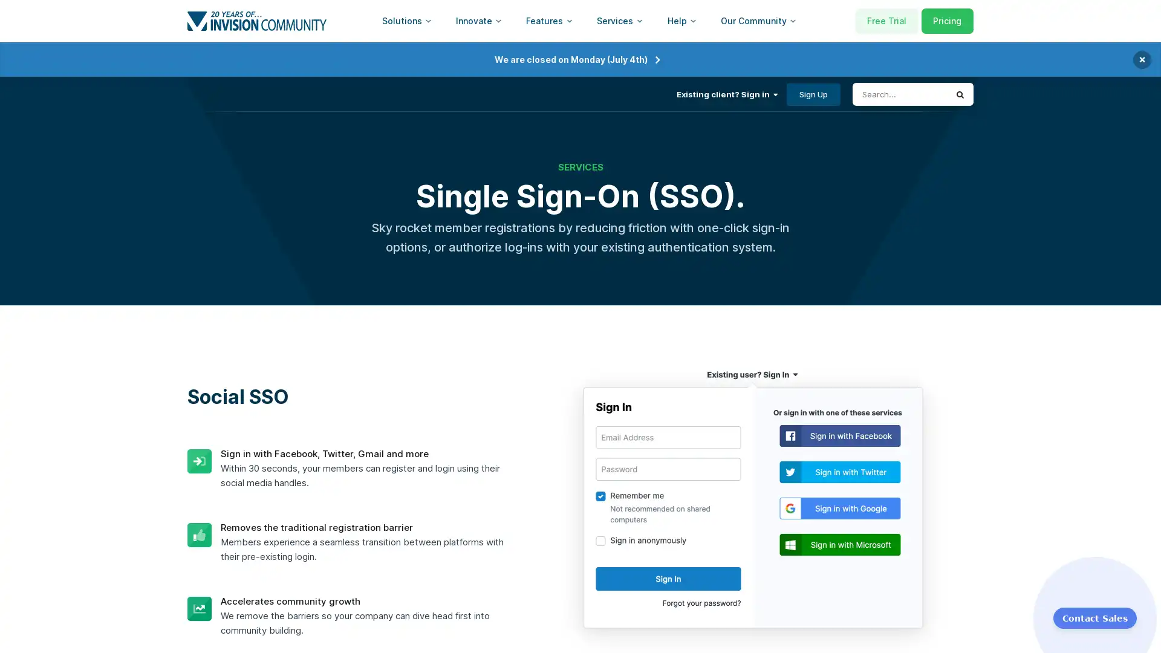  I want to click on Innovate, so click(478, 21).